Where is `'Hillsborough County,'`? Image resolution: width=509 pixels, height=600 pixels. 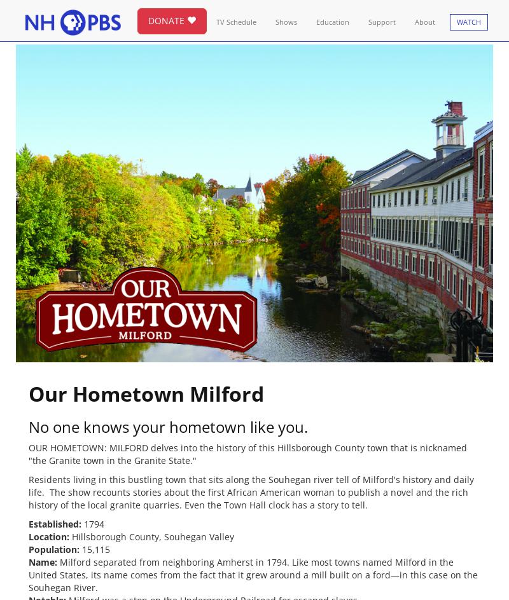 'Hillsborough County,' is located at coordinates (117, 536).